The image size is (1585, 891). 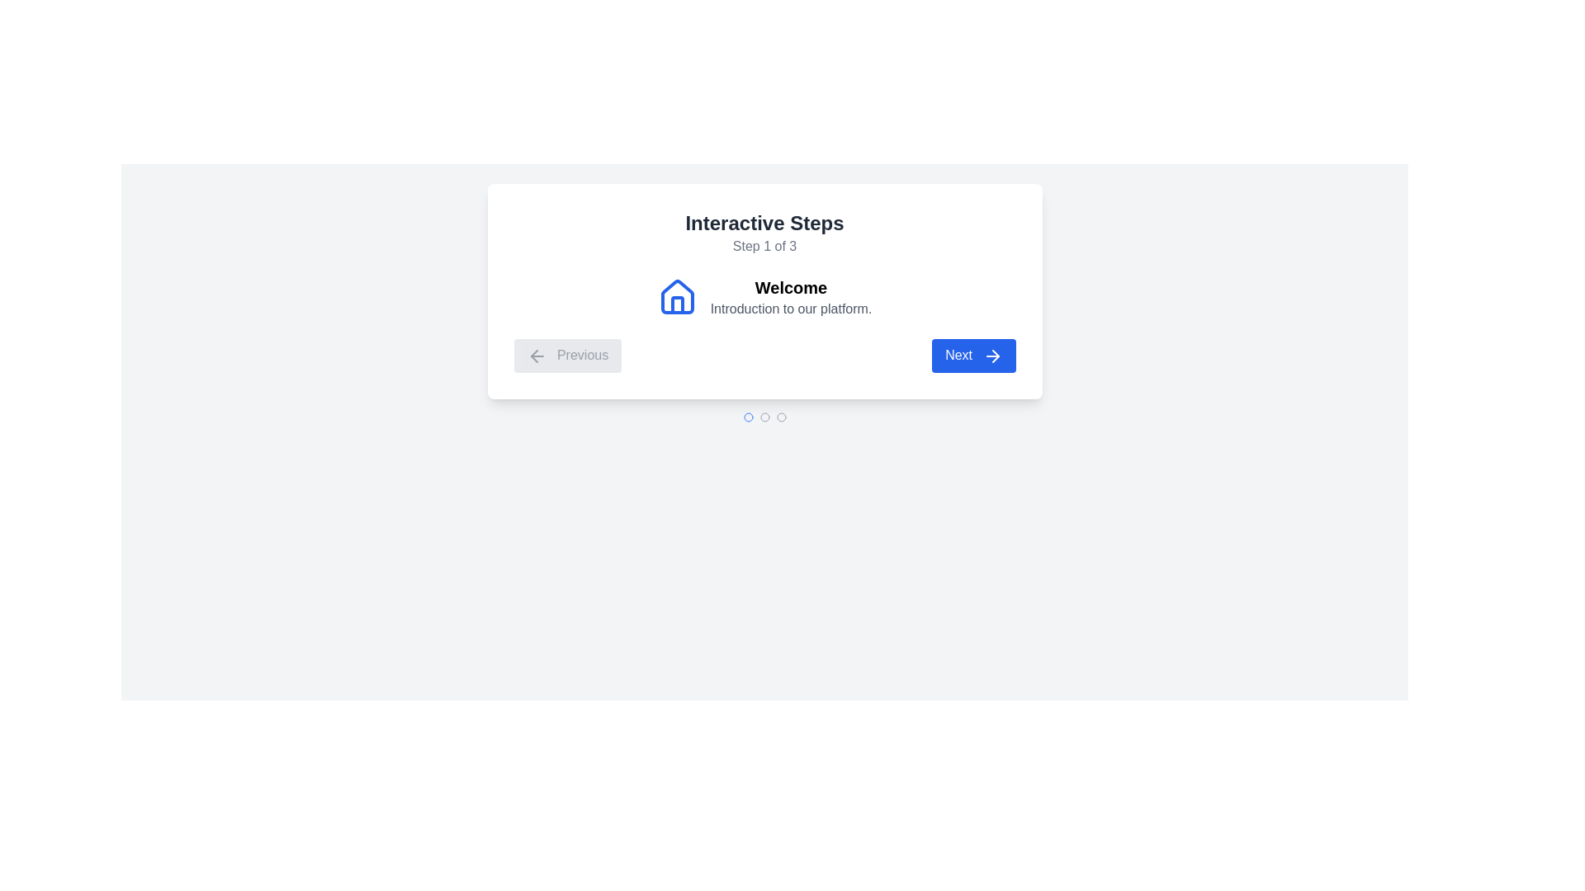 What do you see at coordinates (764, 233) in the screenshot?
I see `the Header with subtitle that displays 'Interactive Steps' and 'Step 1 of 3'` at bounding box center [764, 233].